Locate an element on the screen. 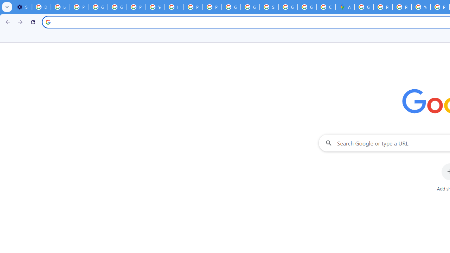 The width and height of the screenshot is (450, 253). 'Delete photos & videos - Computer - Google Photos Help' is located at coordinates (41, 7).